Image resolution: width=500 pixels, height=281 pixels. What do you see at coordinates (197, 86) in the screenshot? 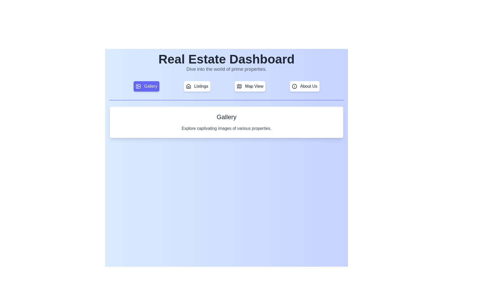
I see `the tab labeled Listings` at bounding box center [197, 86].